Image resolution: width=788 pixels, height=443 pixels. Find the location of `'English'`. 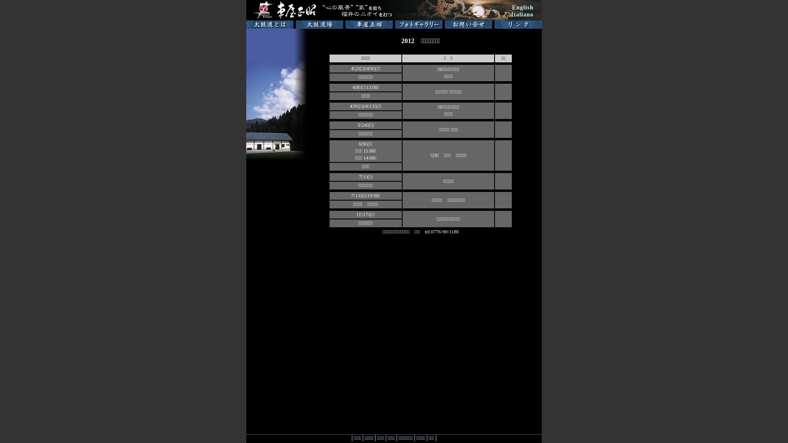

'English' is located at coordinates (522, 7).